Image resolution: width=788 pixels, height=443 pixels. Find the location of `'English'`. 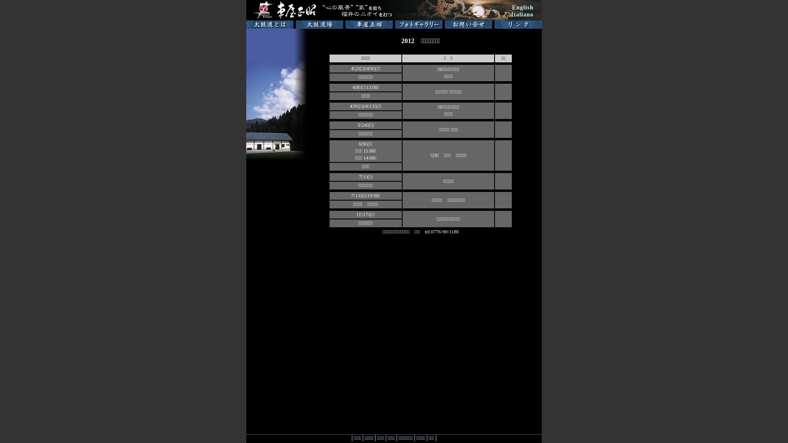

'English' is located at coordinates (522, 7).